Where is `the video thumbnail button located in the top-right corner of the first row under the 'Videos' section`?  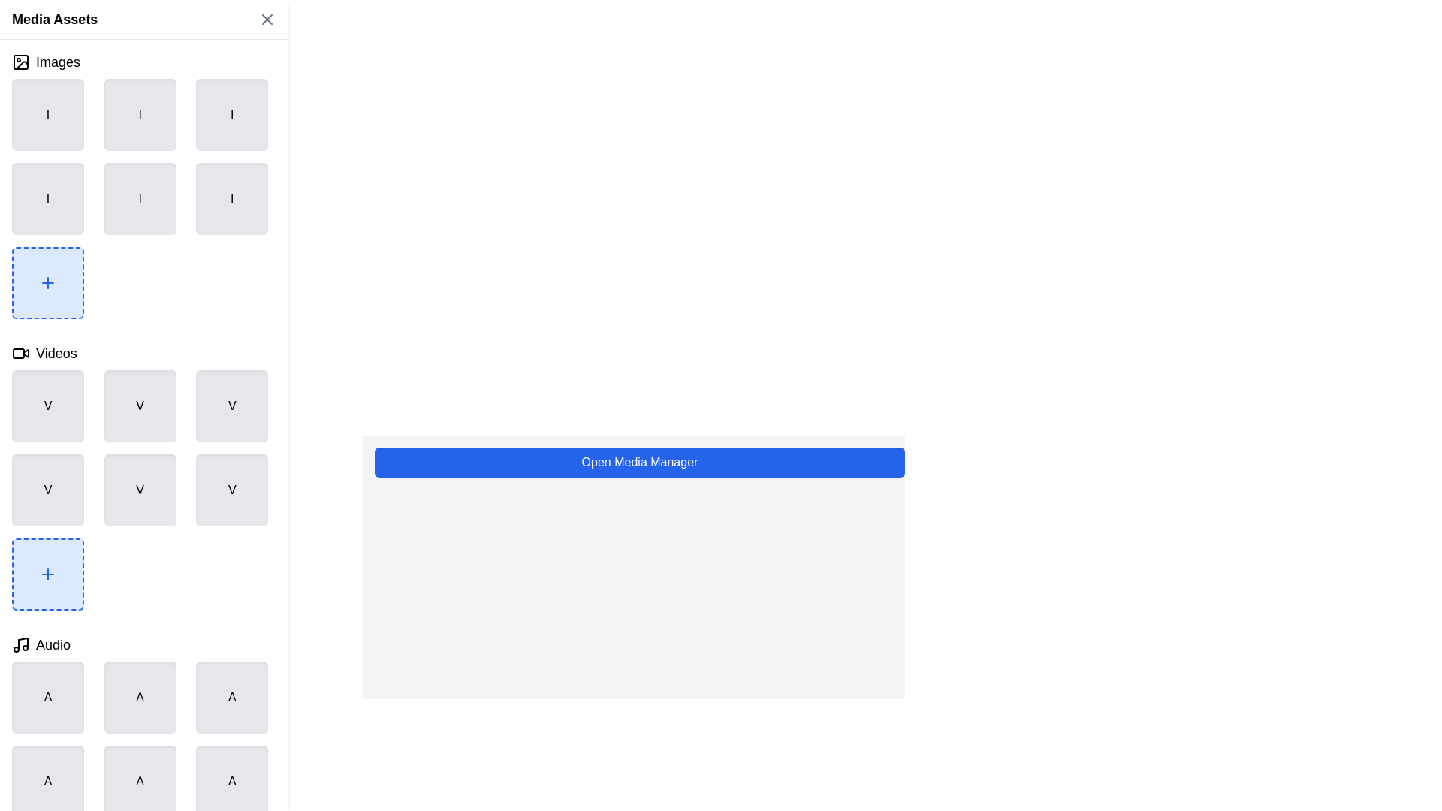
the video thumbnail button located in the top-right corner of the first row under the 'Videos' section is located at coordinates (231, 405).